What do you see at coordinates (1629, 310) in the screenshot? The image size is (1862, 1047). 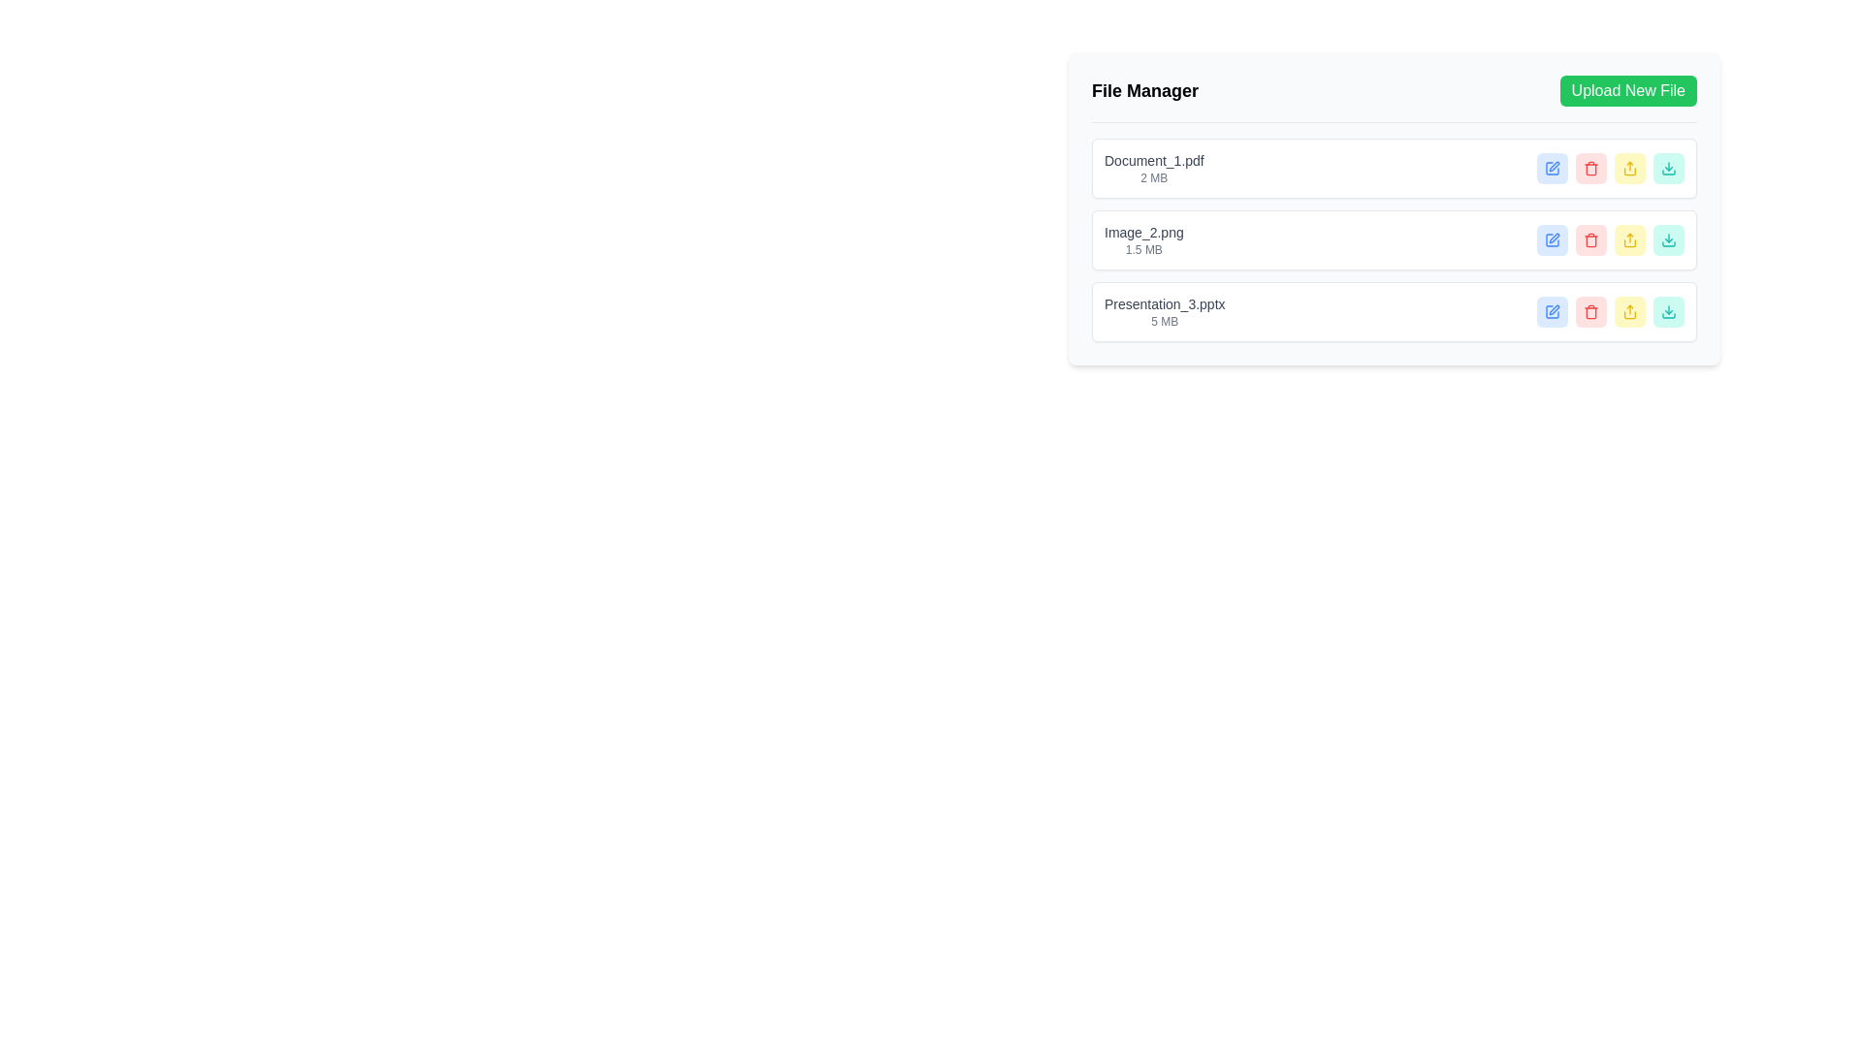 I see `the upload icon associated with 'Presentation_3.pptx' in the file manager interface` at bounding box center [1629, 310].